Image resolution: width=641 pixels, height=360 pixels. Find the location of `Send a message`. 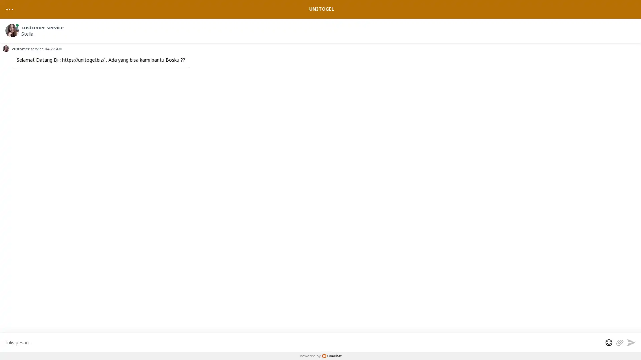

Send a message is located at coordinates (631, 342).